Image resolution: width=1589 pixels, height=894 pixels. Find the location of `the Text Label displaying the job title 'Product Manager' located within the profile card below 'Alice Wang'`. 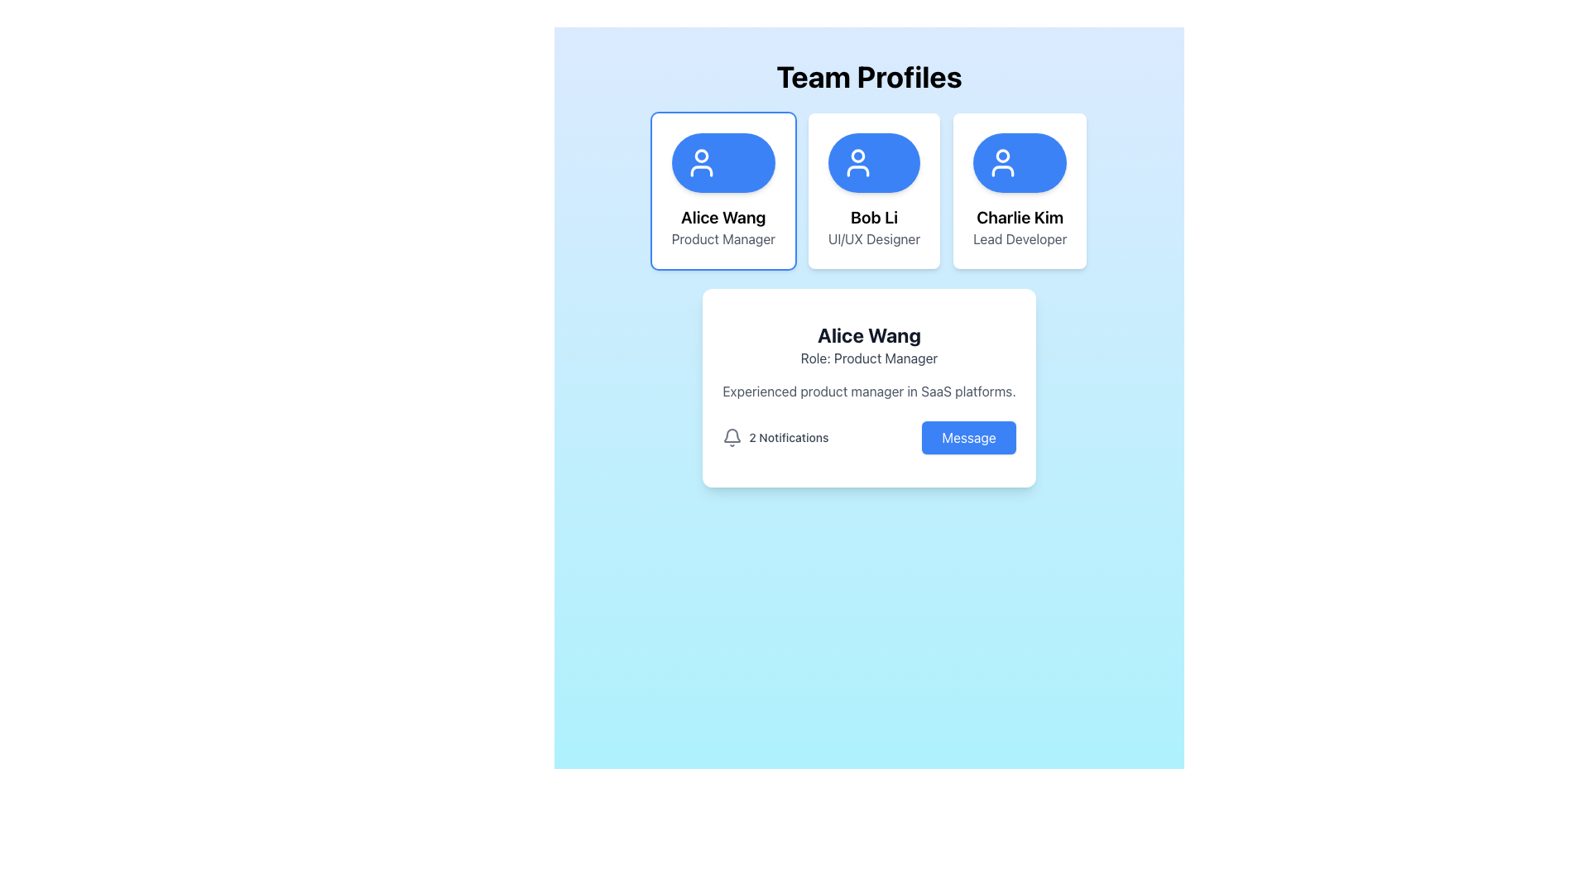

the Text Label displaying the job title 'Product Manager' located within the profile card below 'Alice Wang' is located at coordinates (723, 239).